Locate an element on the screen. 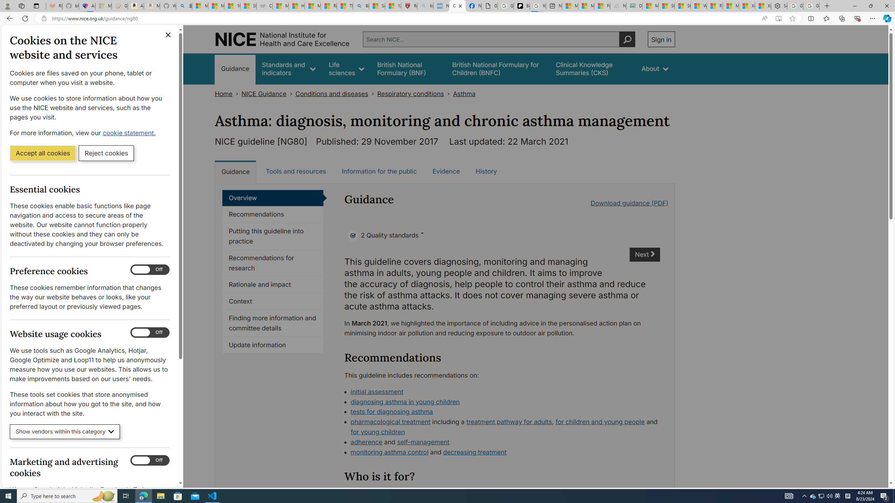  'Marketing and advertising cookies' is located at coordinates (150, 460).